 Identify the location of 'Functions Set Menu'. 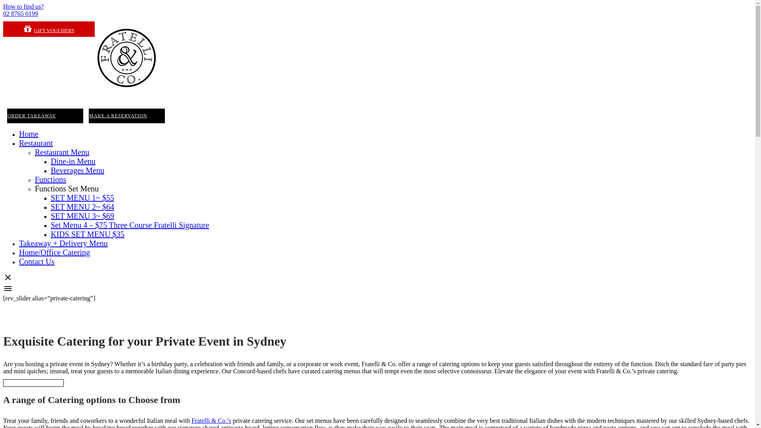
(67, 188).